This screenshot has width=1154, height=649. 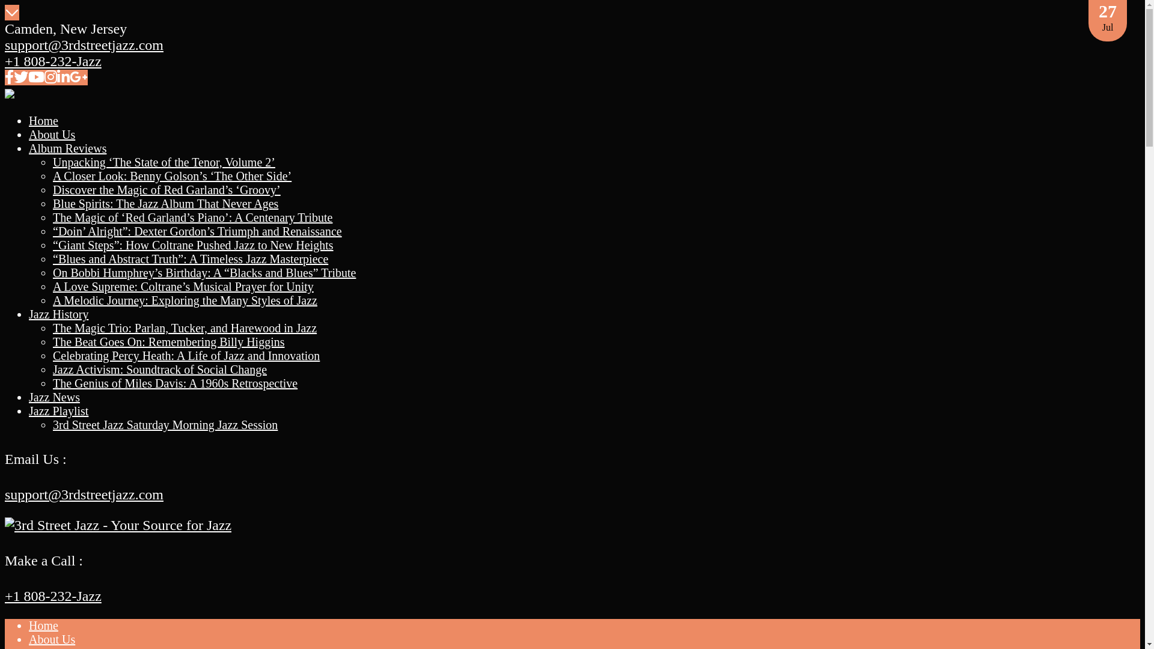 I want to click on 'youtube', so click(x=28, y=77).